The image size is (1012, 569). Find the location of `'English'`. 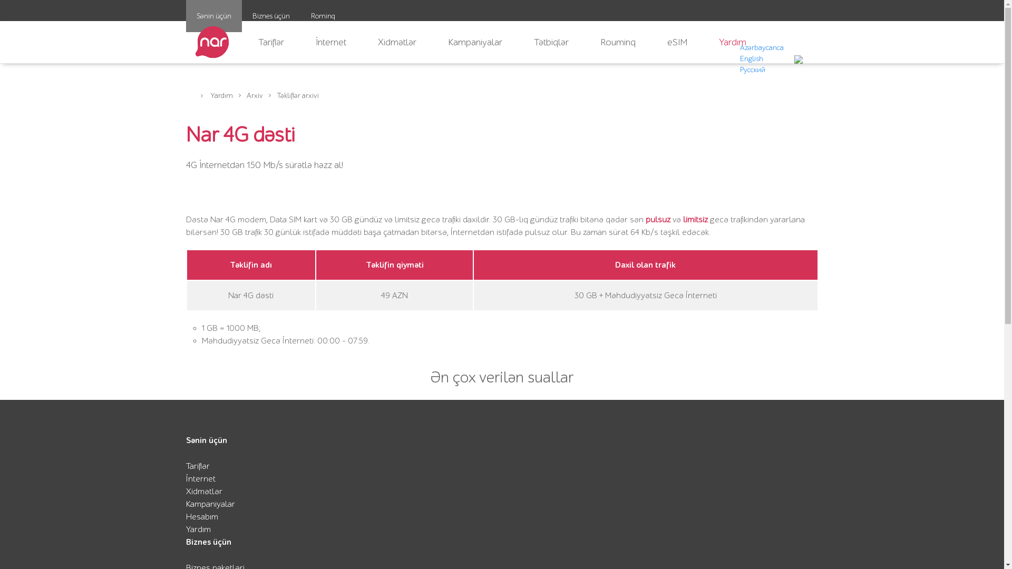

'English' is located at coordinates (751, 58).